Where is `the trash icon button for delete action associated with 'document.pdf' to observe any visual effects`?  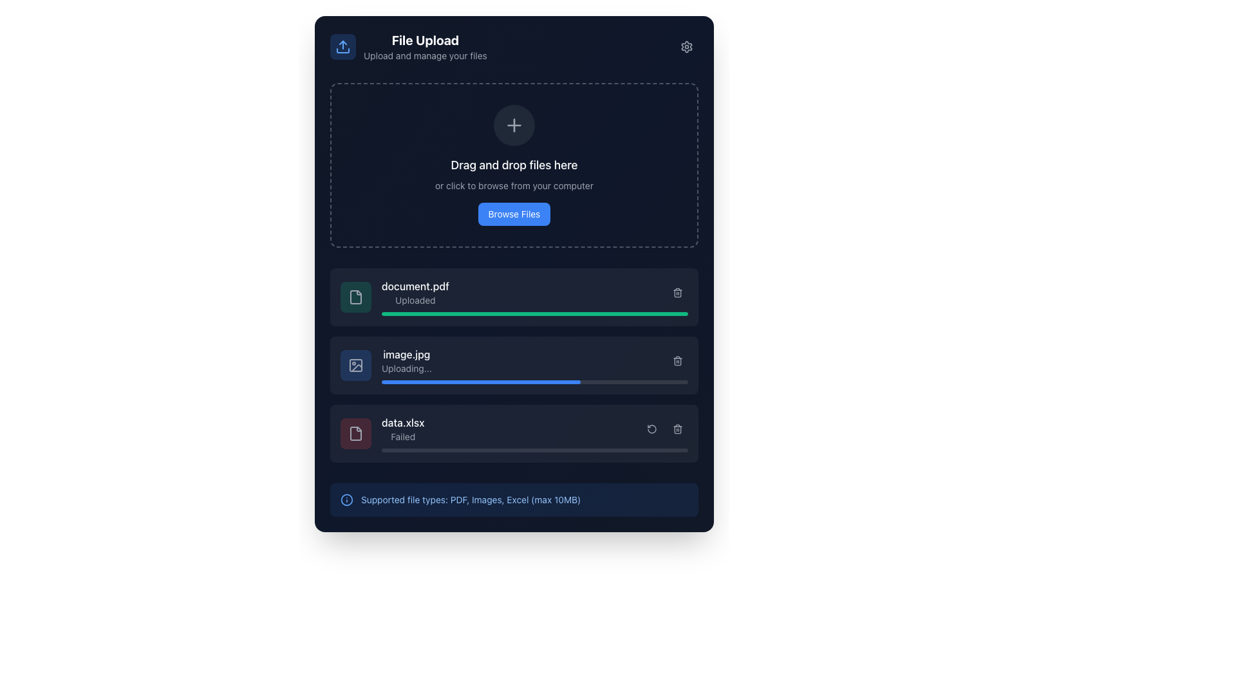 the trash icon button for delete action associated with 'document.pdf' to observe any visual effects is located at coordinates (677, 293).